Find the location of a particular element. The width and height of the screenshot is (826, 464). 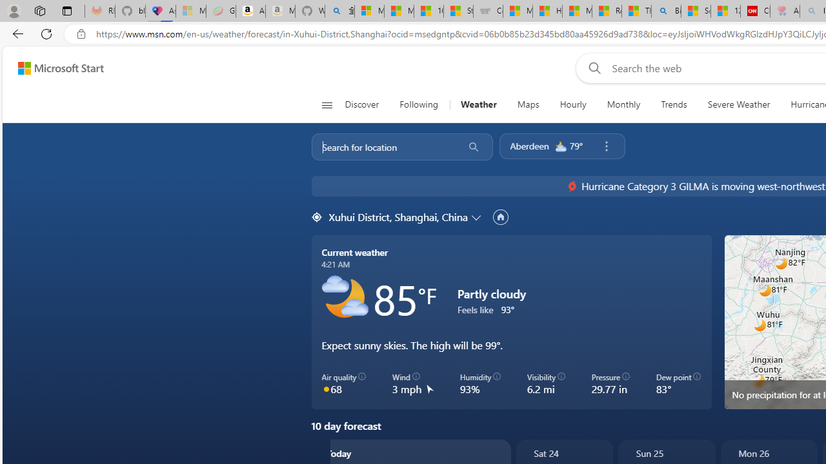

'Trends' is located at coordinates (674, 104).